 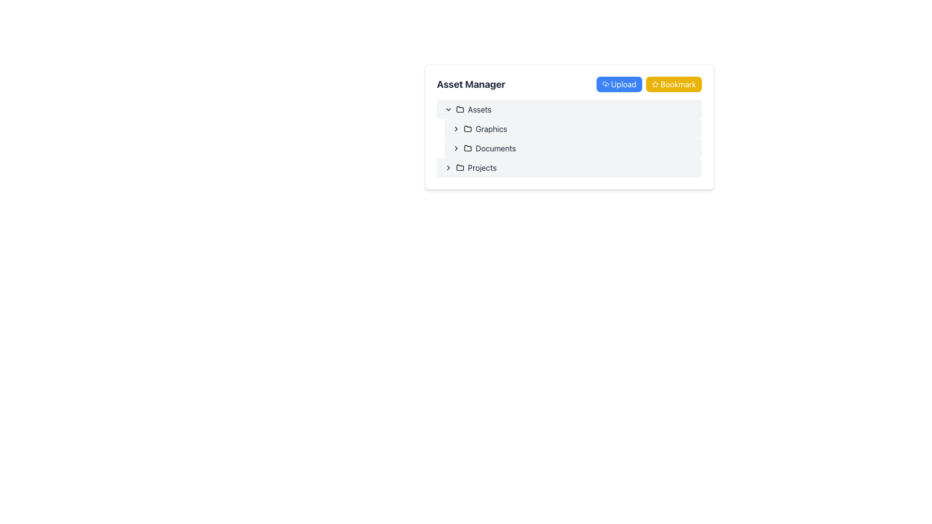 I want to click on the folder icon located to the left of the 'Assets' label, so click(x=460, y=109).